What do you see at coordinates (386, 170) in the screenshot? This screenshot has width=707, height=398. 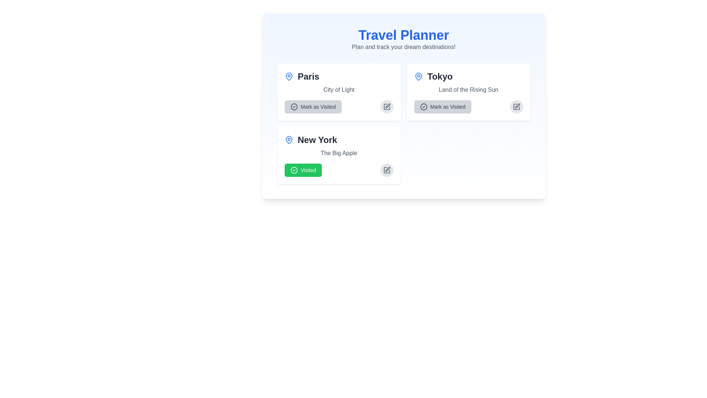 I see `the edit icon button located in the bottom-right corner of the New York card to initiate editing` at bounding box center [386, 170].